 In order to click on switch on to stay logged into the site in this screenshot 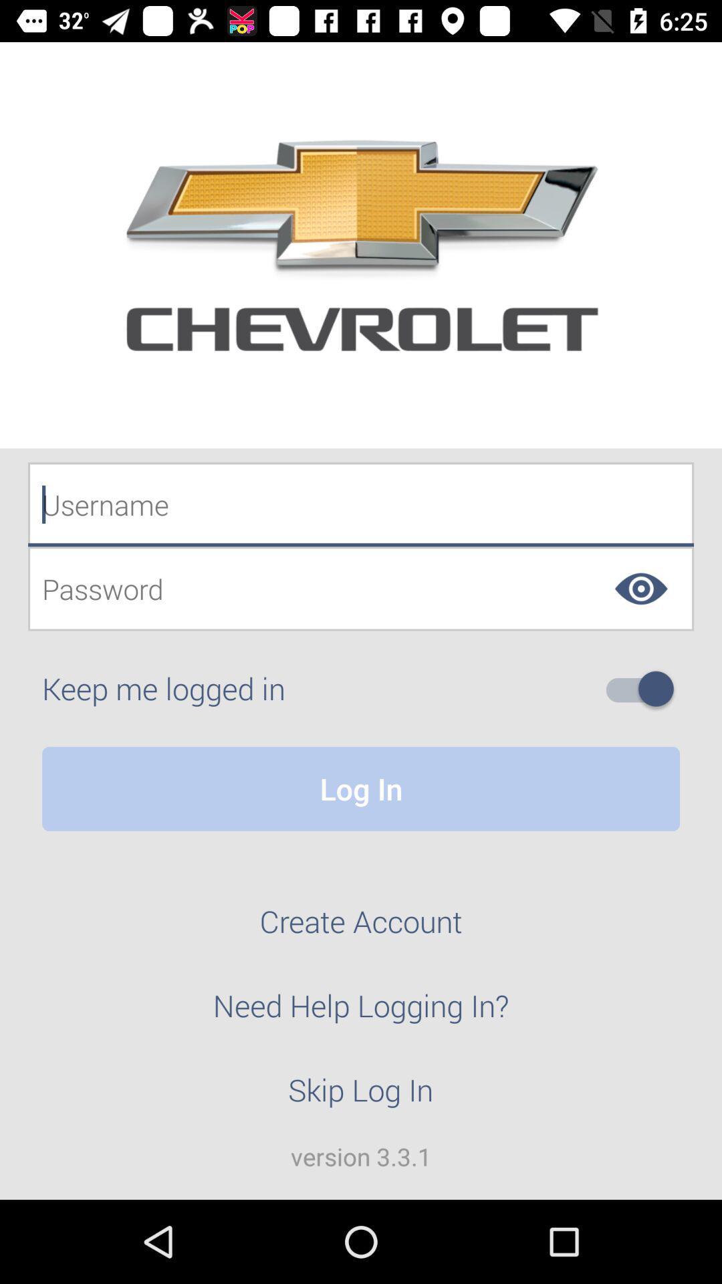, I will do `click(644, 689)`.